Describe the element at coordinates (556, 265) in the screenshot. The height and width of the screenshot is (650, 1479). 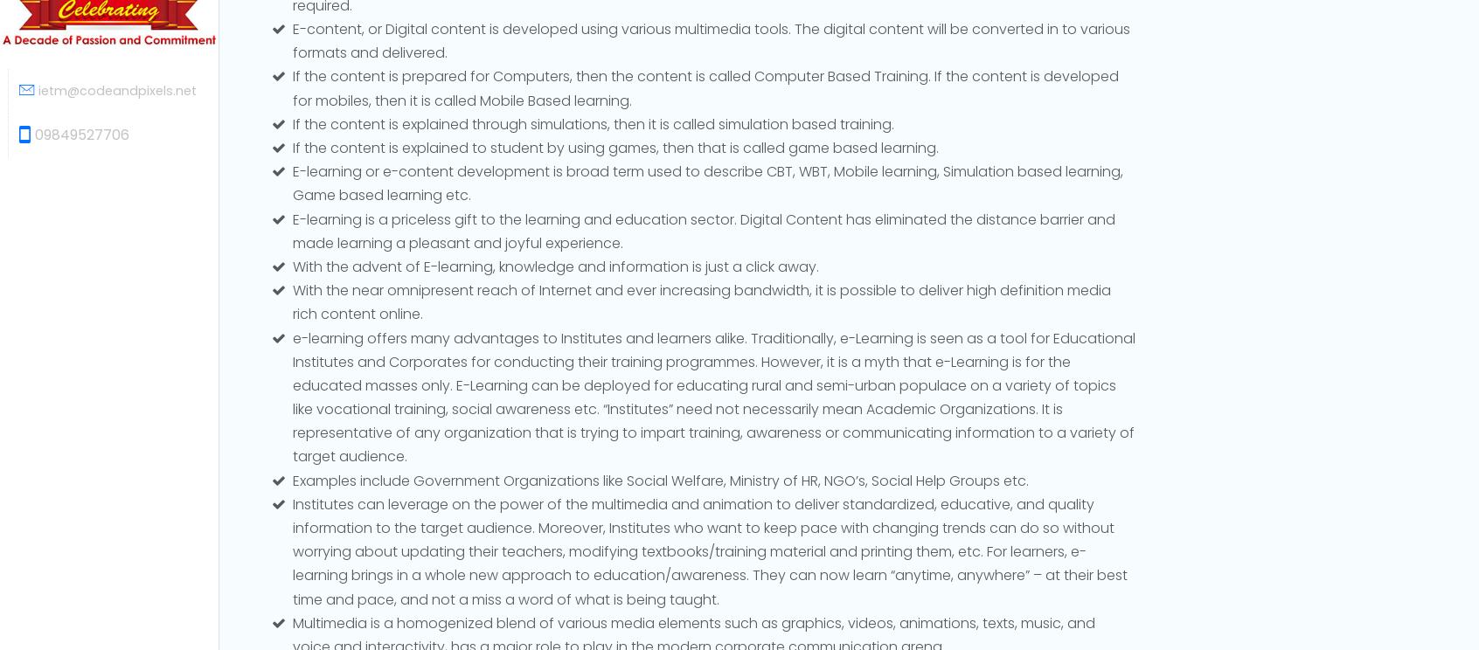
I see `'With the advent of E-learning, knowledge and information is just a click away.'` at that location.